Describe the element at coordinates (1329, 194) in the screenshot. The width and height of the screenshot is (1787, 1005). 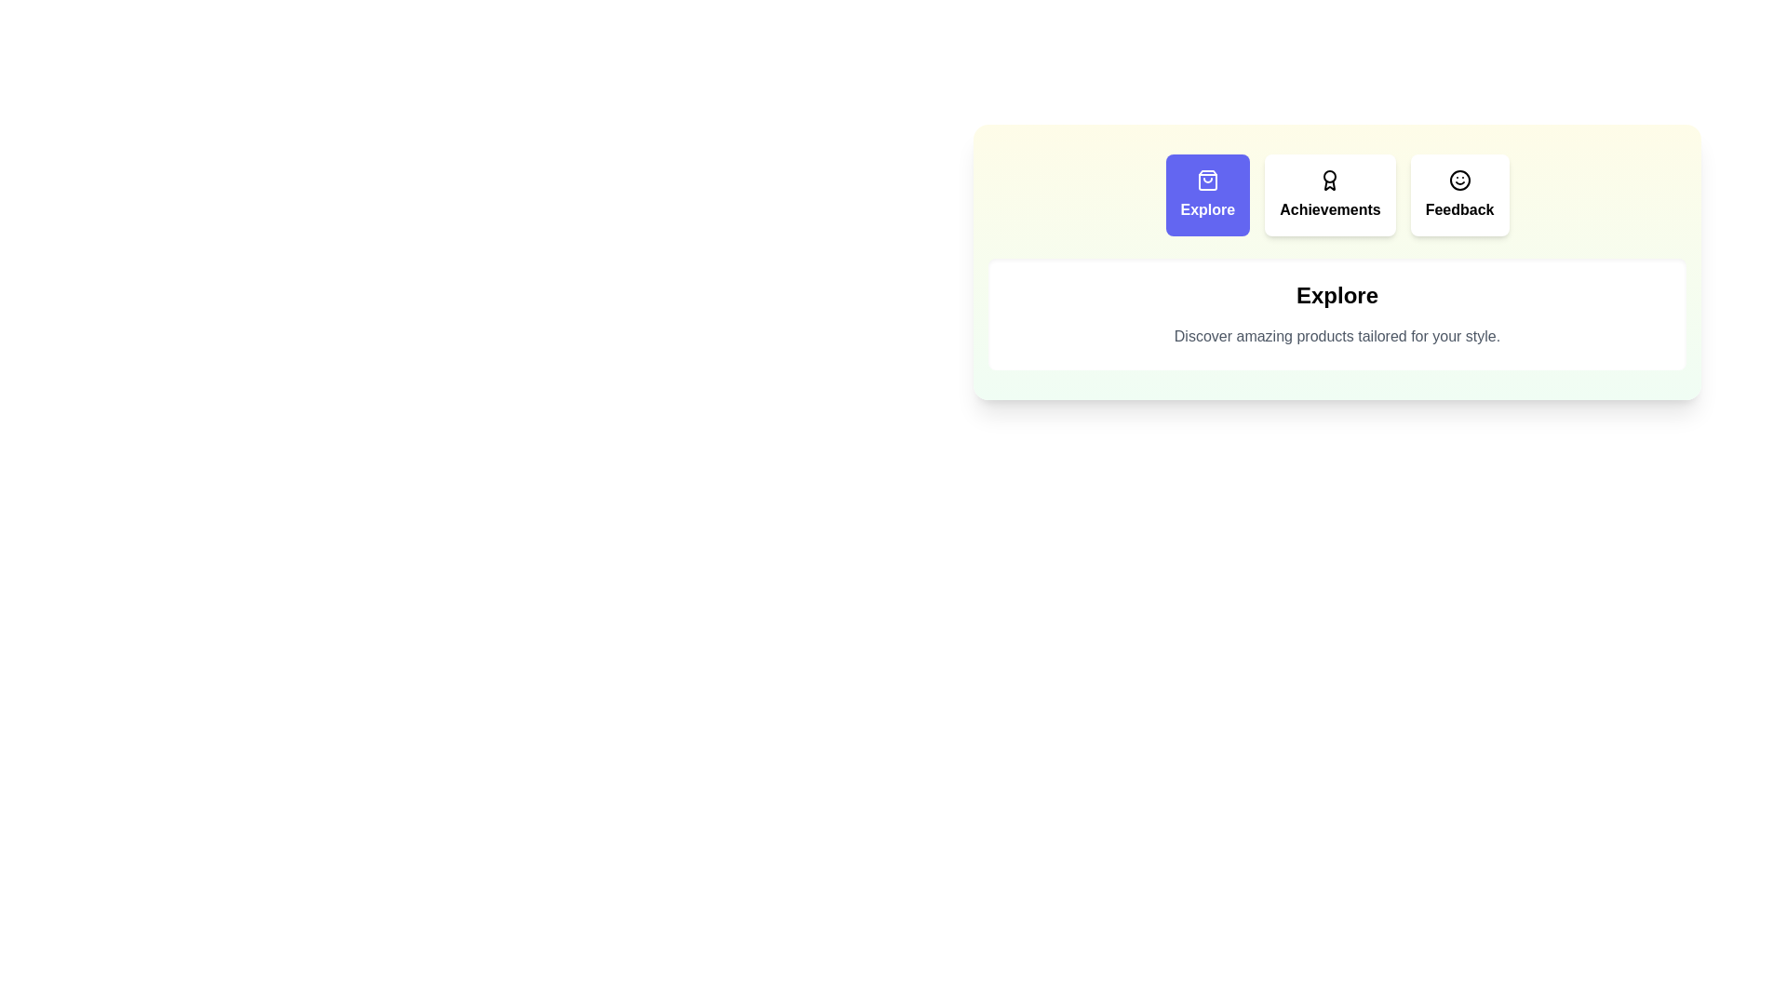
I see `the Achievements tab by clicking on its respective title or icon` at that location.